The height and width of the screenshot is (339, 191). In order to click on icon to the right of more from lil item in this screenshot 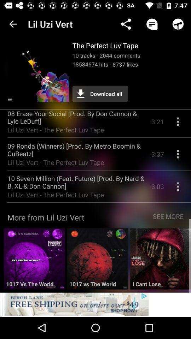, I will do `click(168, 219)`.